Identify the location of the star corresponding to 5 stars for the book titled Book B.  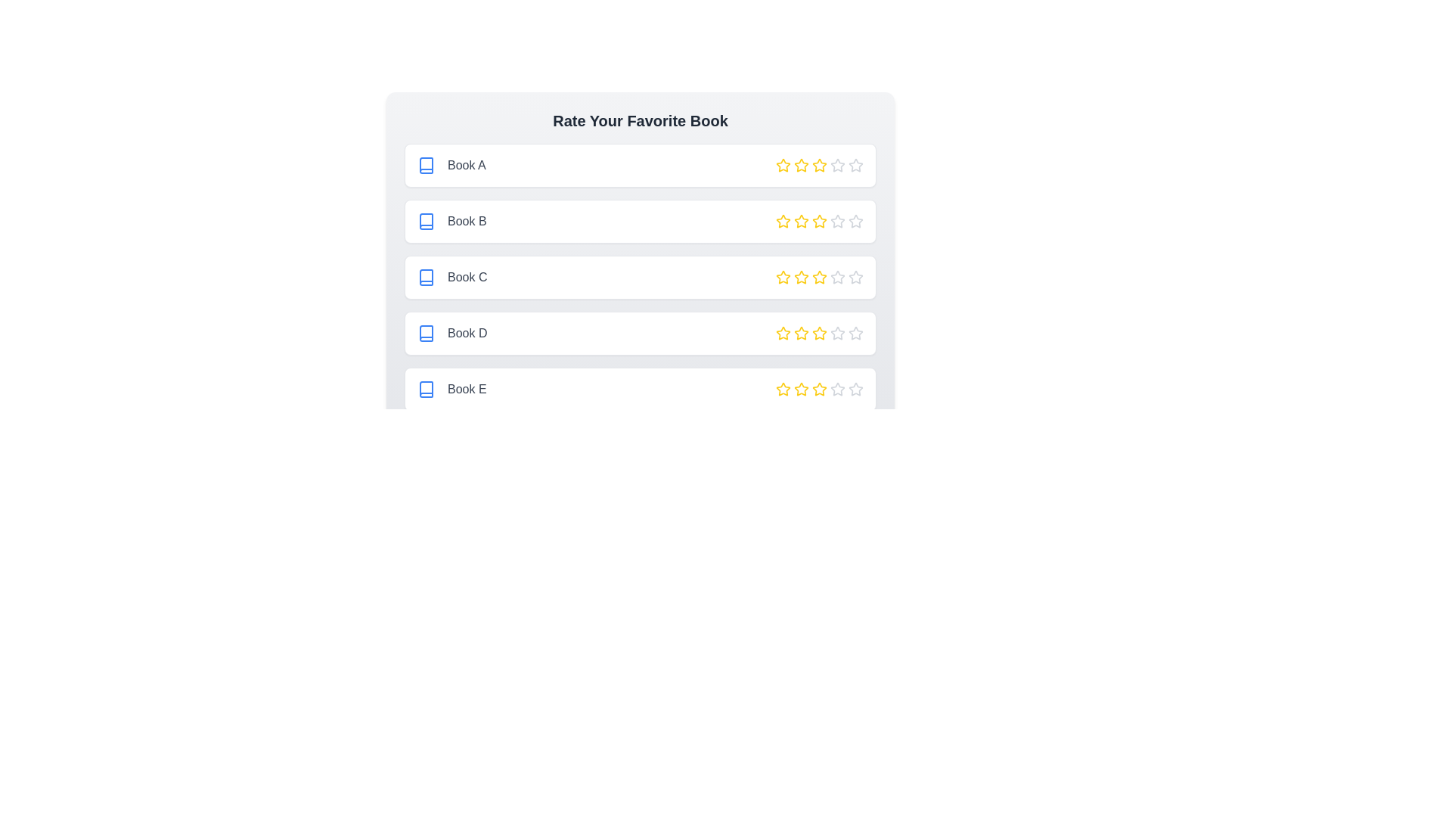
(856, 222).